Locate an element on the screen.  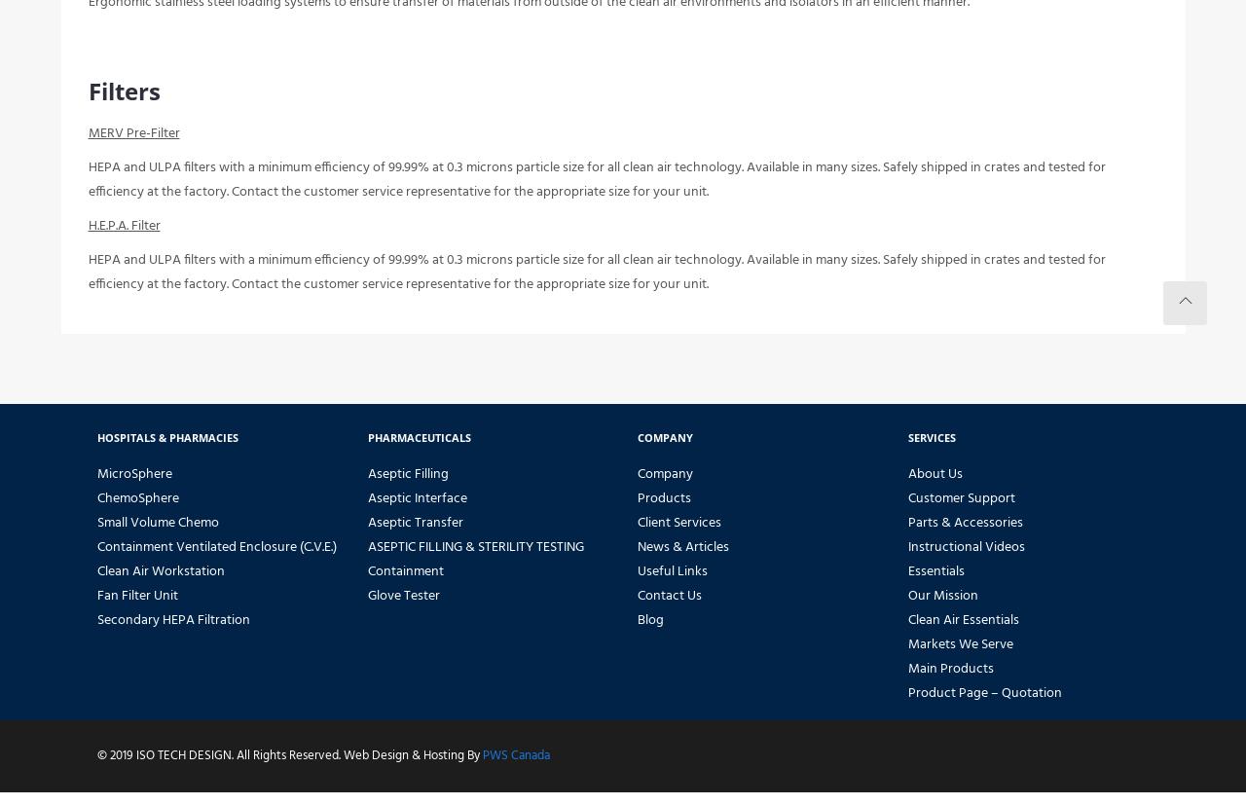
'News & Articles' is located at coordinates (682, 561).